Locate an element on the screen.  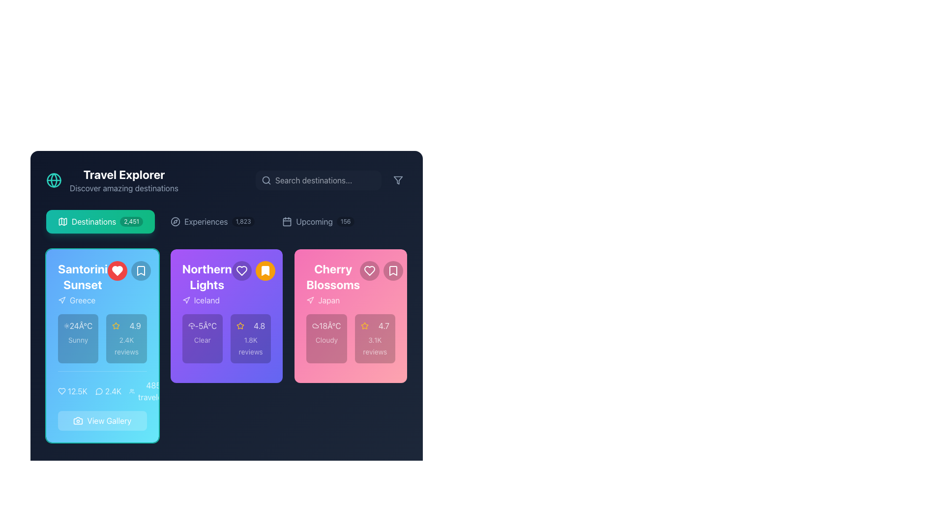
the circular SVG element that is part of a compass-like icon in the toolbar at the top of the layout is located at coordinates (176, 222).